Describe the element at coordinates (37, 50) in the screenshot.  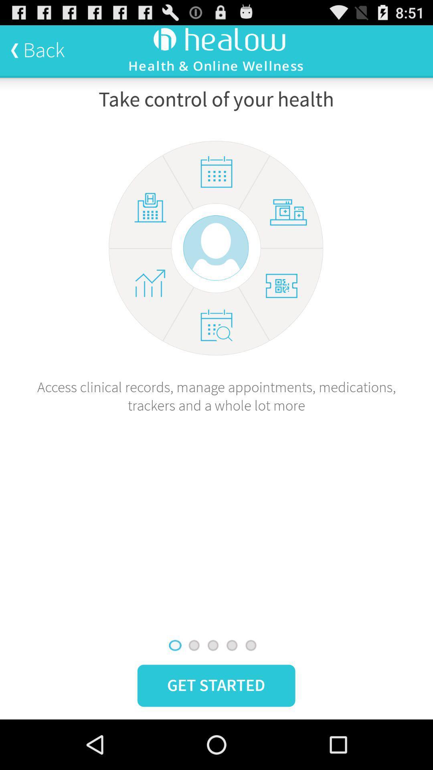
I see `the icon at the top left corner` at that location.